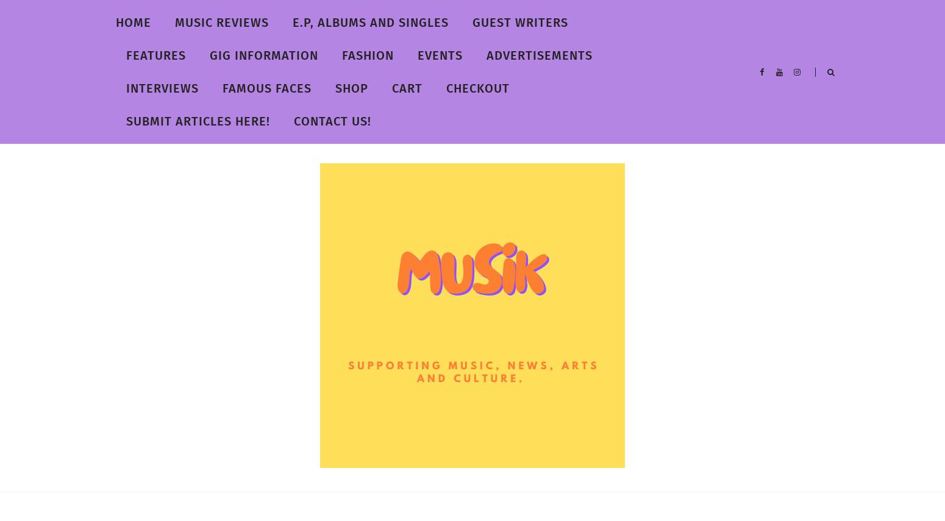 The width and height of the screenshot is (945, 521). What do you see at coordinates (162, 88) in the screenshot?
I see `'Interviews'` at bounding box center [162, 88].